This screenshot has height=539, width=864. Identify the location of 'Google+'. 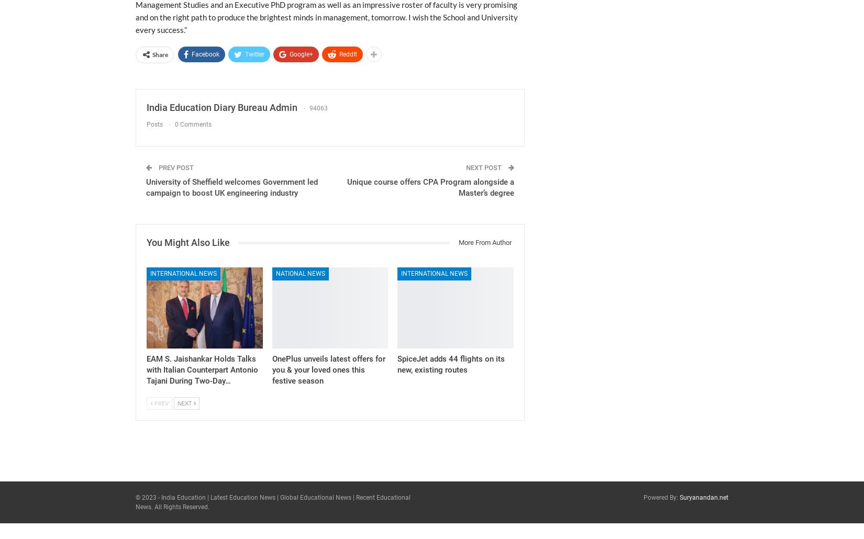
(301, 54).